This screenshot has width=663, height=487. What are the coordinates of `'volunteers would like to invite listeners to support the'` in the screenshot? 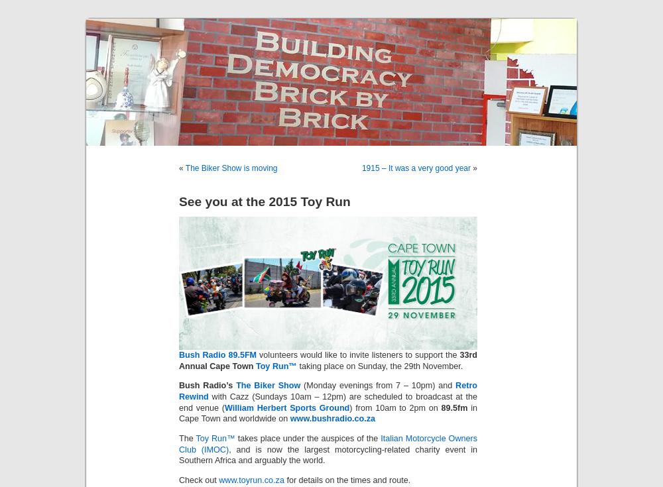 It's located at (358, 354).